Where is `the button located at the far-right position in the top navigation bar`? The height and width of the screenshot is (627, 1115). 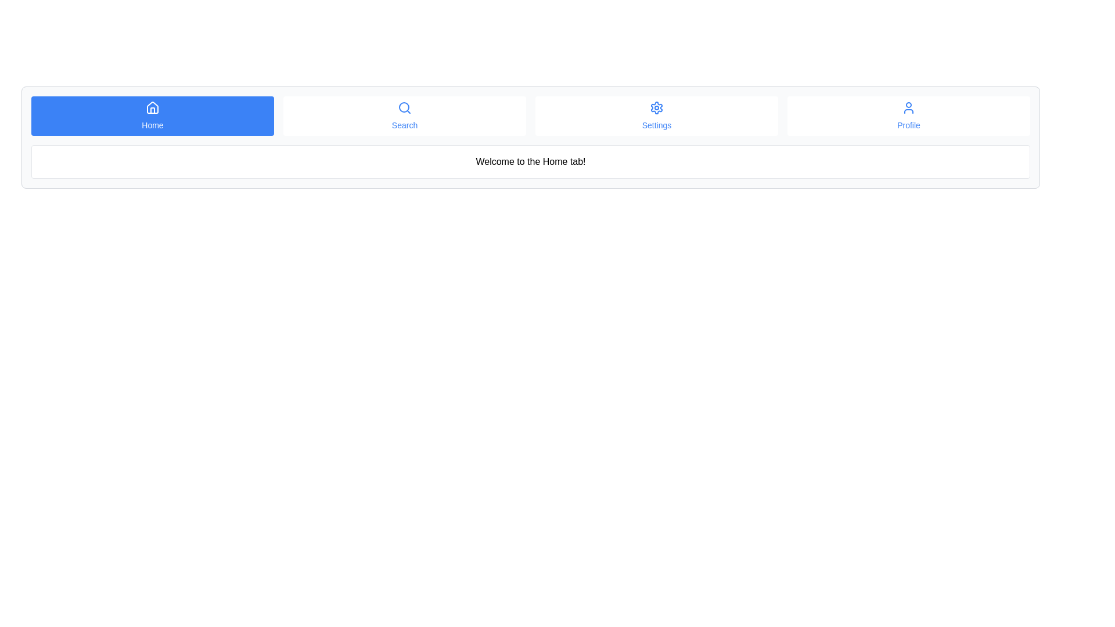 the button located at the far-right position in the top navigation bar is located at coordinates (908, 116).